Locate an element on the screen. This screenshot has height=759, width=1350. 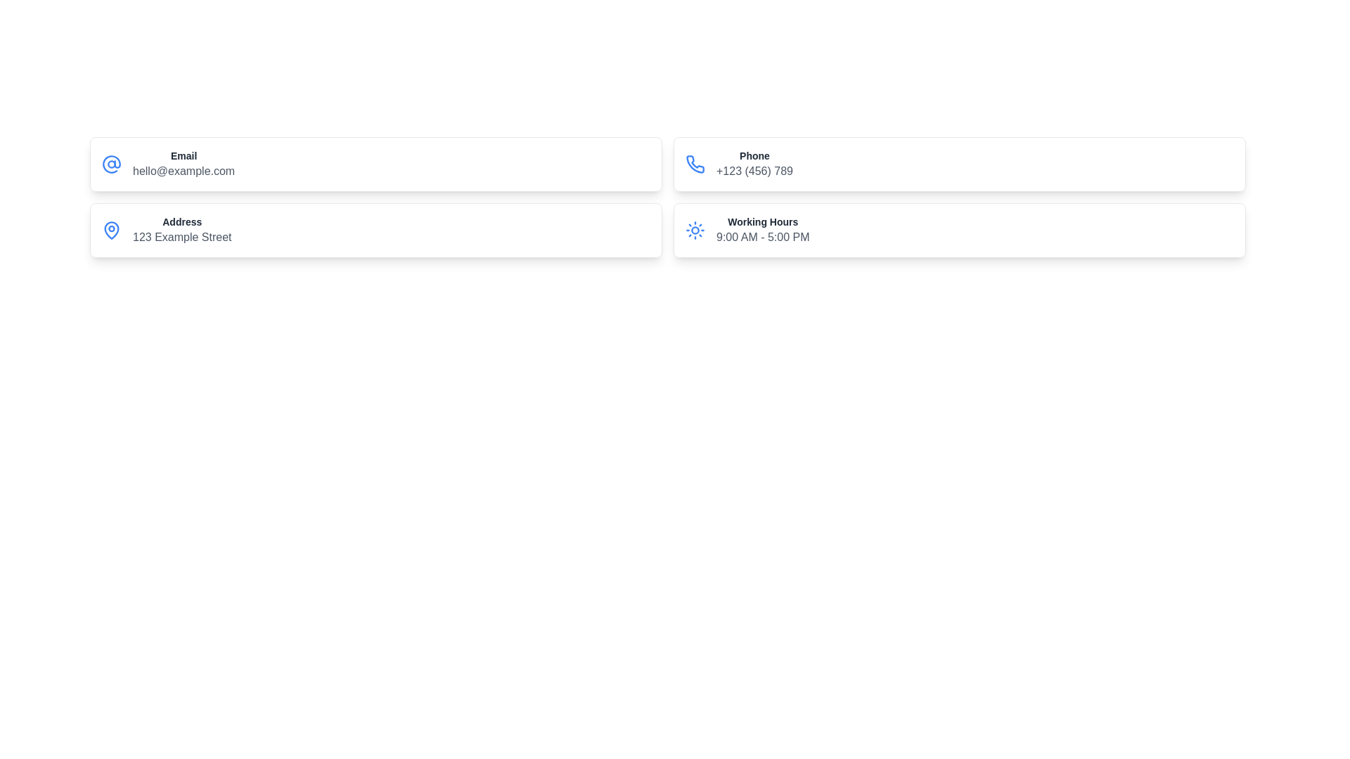
the static text label indicating working hours, positioned above the text '9:00 AM - 5:00 PM' on the right side of the interface is located at coordinates (762, 221).